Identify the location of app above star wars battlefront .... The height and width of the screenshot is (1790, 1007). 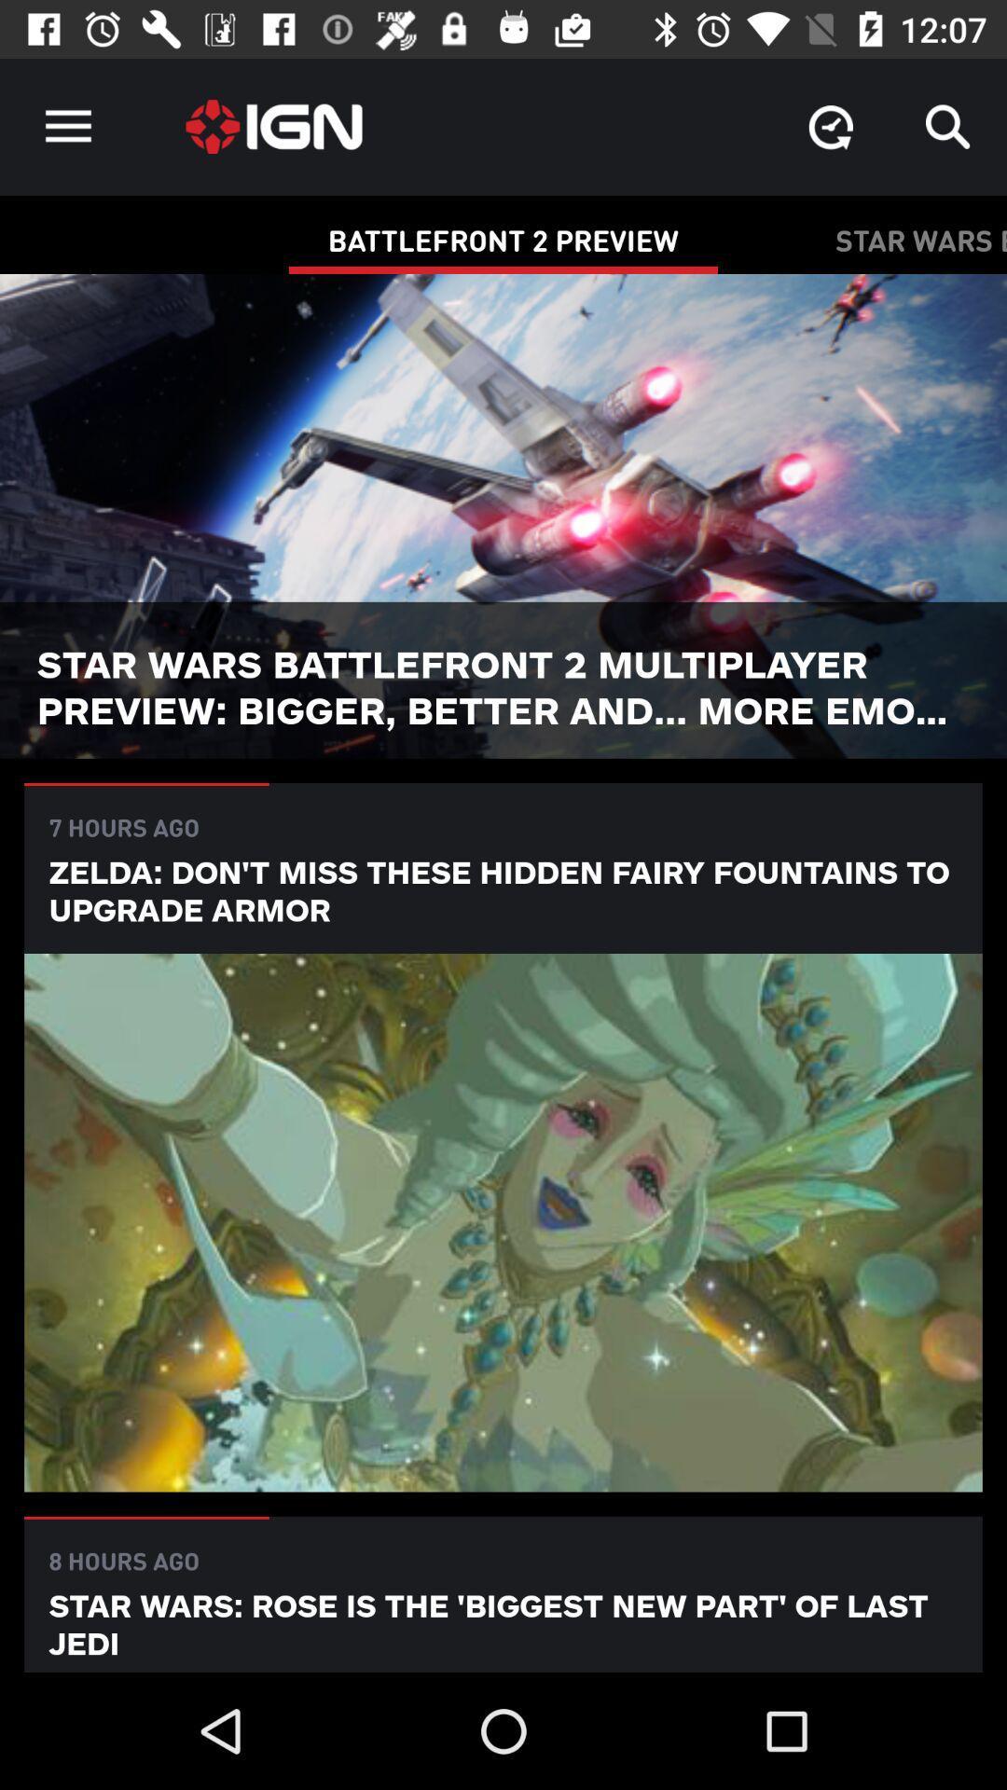
(830, 126).